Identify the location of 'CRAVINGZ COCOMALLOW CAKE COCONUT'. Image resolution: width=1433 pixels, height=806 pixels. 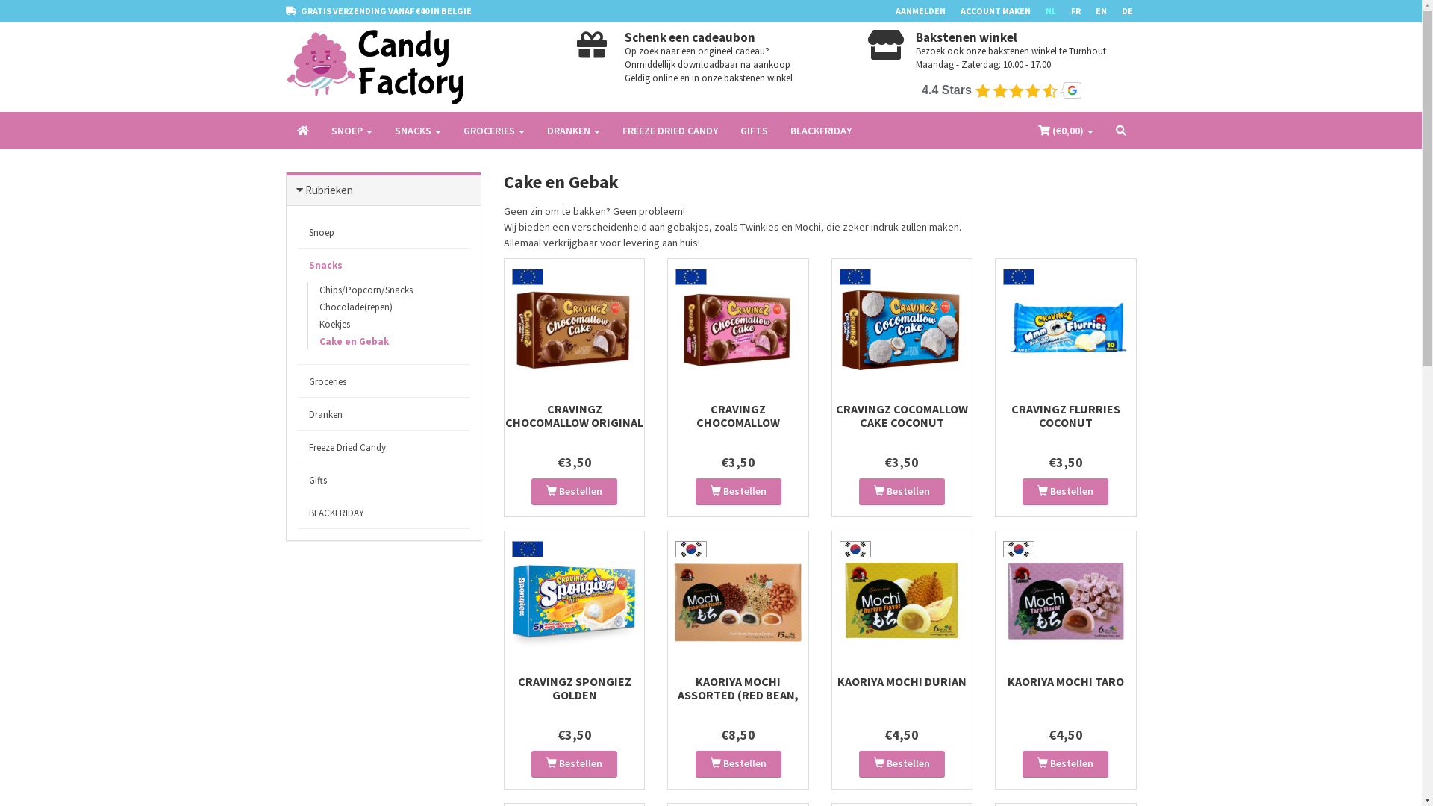
(901, 415).